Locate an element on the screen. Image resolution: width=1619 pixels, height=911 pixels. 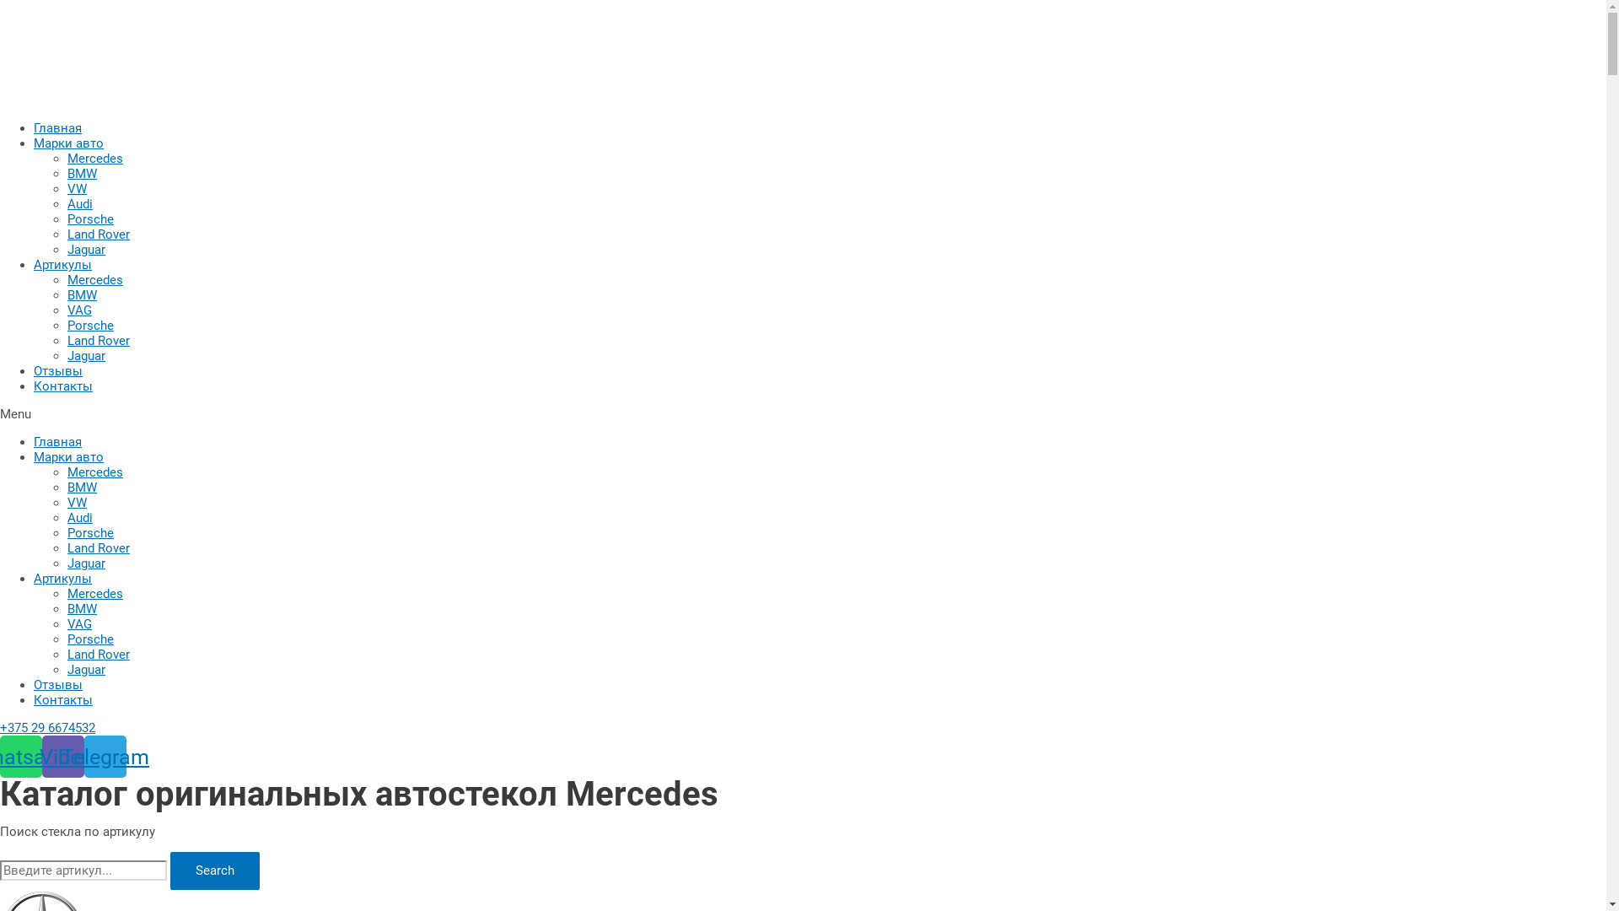
'Mercedes' is located at coordinates (94, 159).